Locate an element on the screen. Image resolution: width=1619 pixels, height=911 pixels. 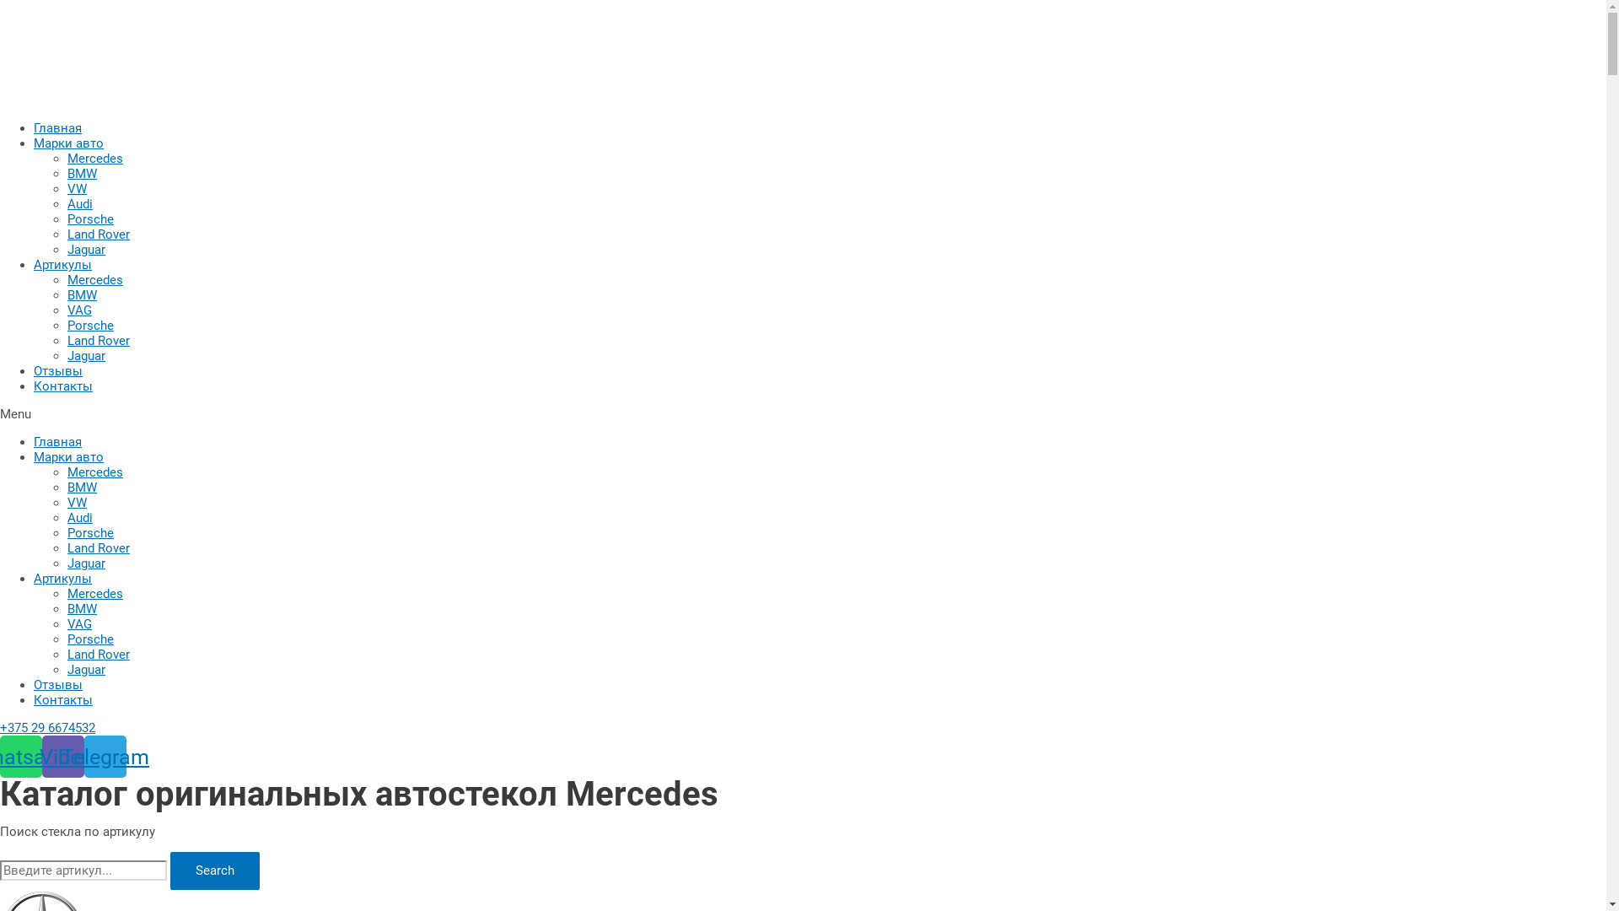
'Mercedes' is located at coordinates (94, 159).